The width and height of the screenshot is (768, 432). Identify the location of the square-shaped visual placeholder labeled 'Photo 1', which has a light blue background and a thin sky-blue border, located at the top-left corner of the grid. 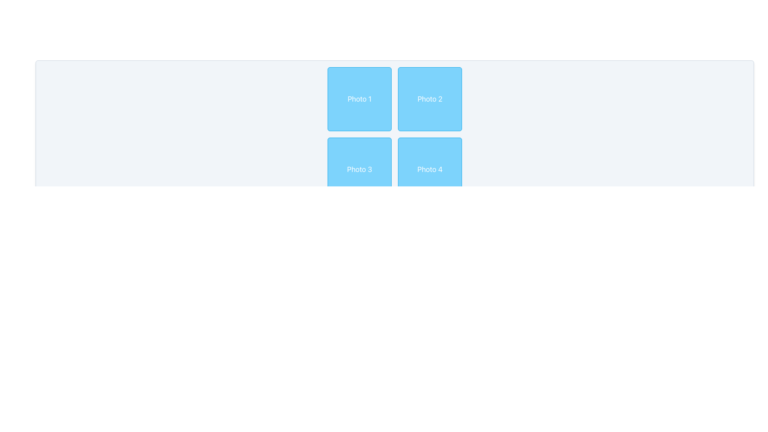
(359, 98).